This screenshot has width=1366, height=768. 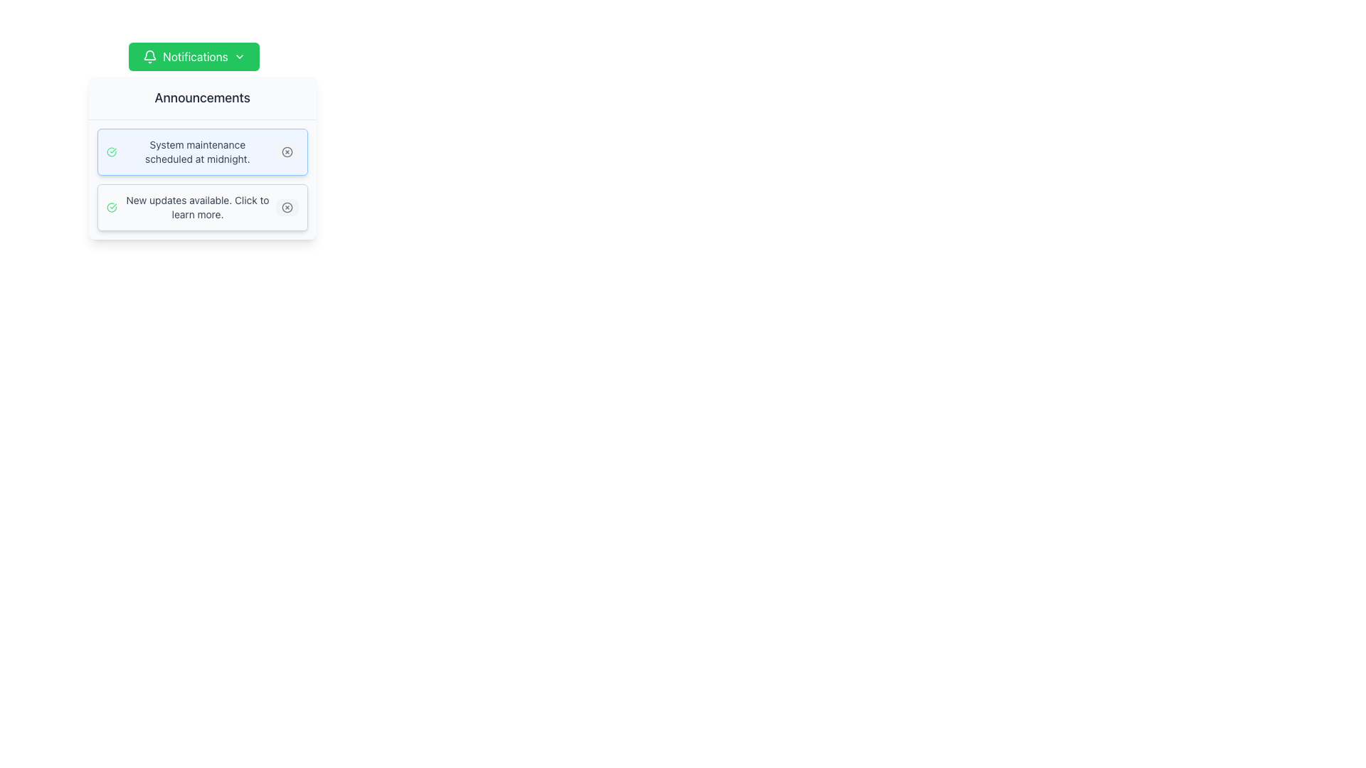 I want to click on the dismiss button with a circular cross icon located at the rightmost side of the notification block displaying 'System maintenance scheduled at midnight.', so click(x=286, y=151).